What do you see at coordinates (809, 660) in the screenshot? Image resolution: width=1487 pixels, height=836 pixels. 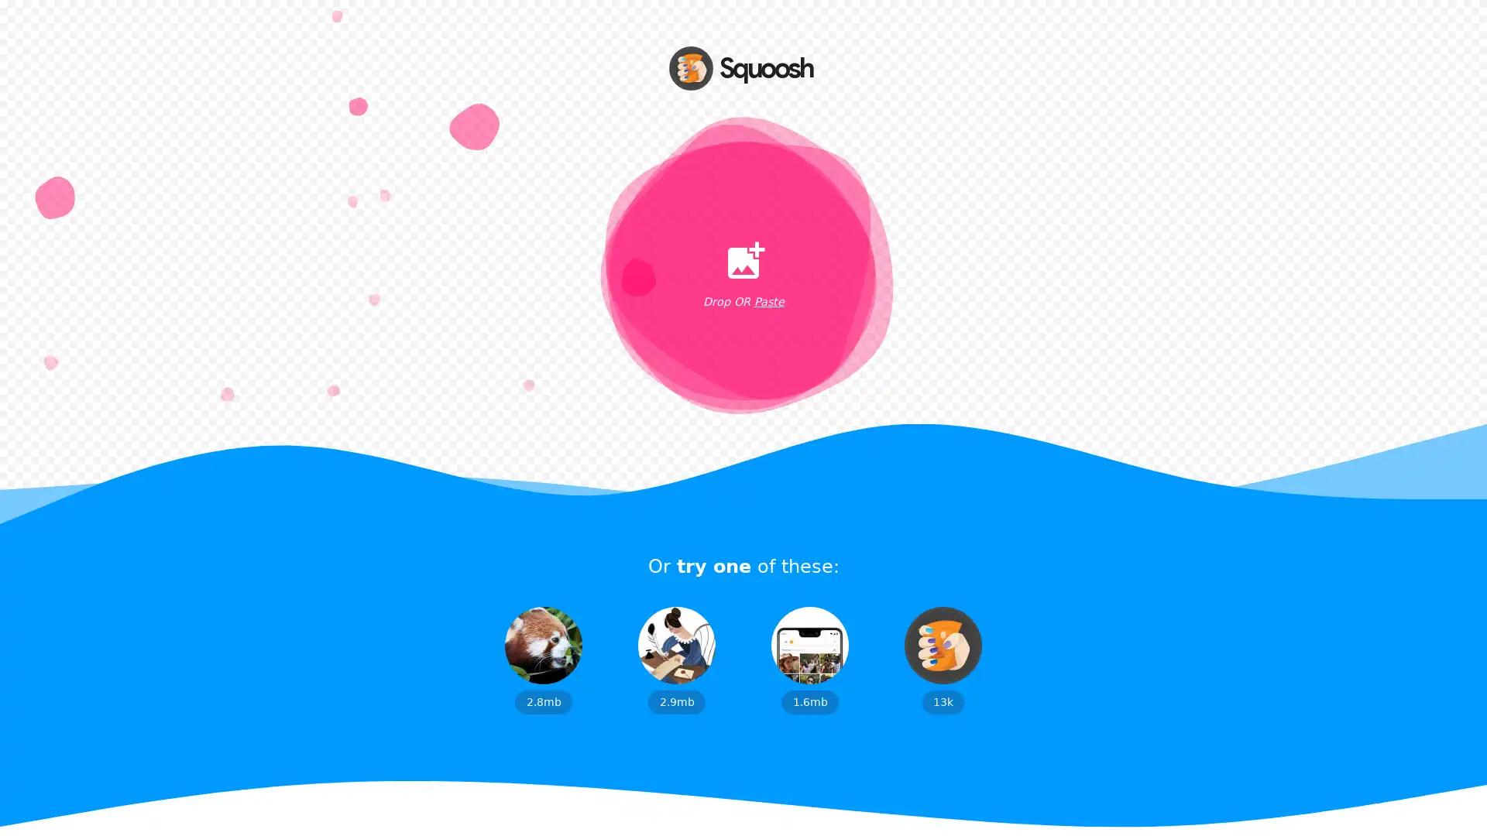 I see `Device screen 1.6mb` at bounding box center [809, 660].